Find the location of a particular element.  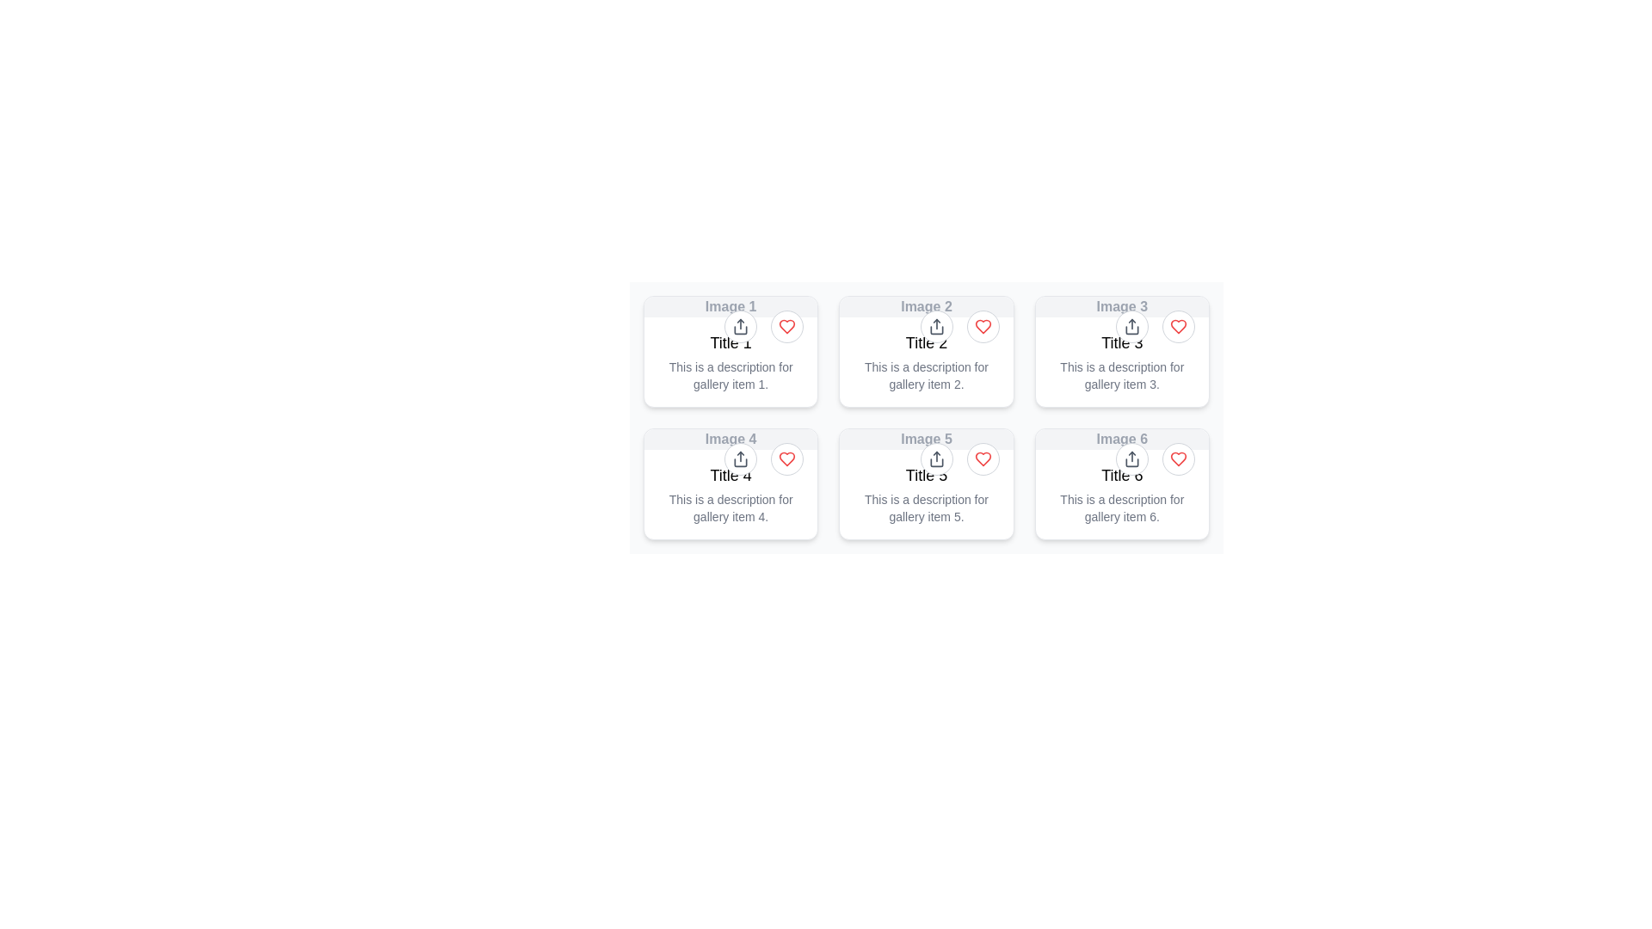

the circular button with a white background and a gray border featuring a red heart icon, located in the top-right corner of the card labeled 'Title 5' is located at coordinates (983, 458).